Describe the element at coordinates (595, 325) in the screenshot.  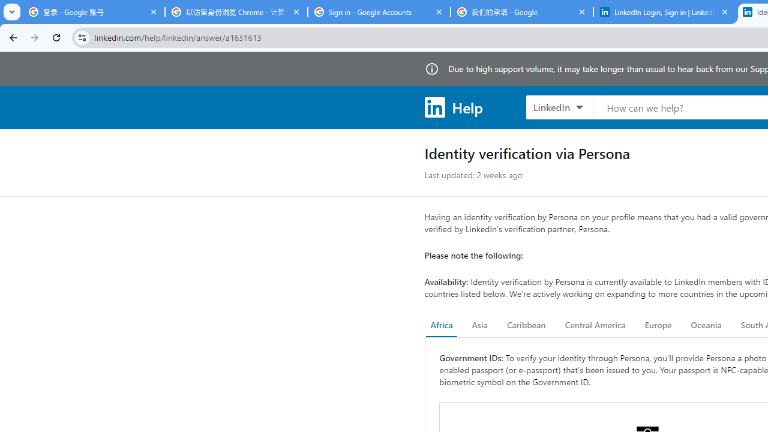
I see `'Central America'` at that location.